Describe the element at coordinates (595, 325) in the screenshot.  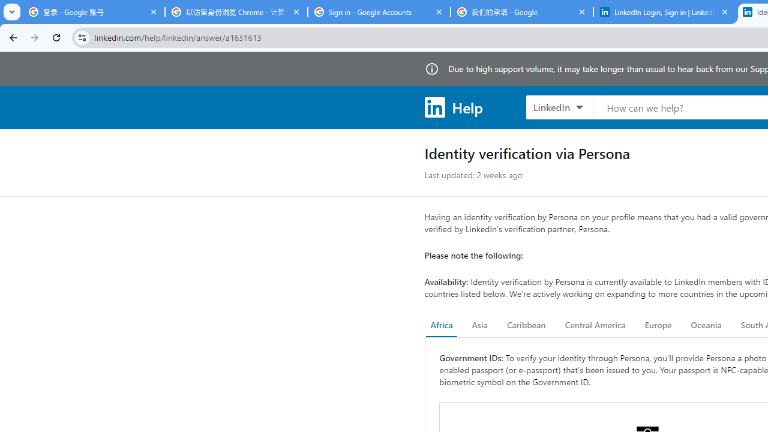
I see `'Central America'` at that location.